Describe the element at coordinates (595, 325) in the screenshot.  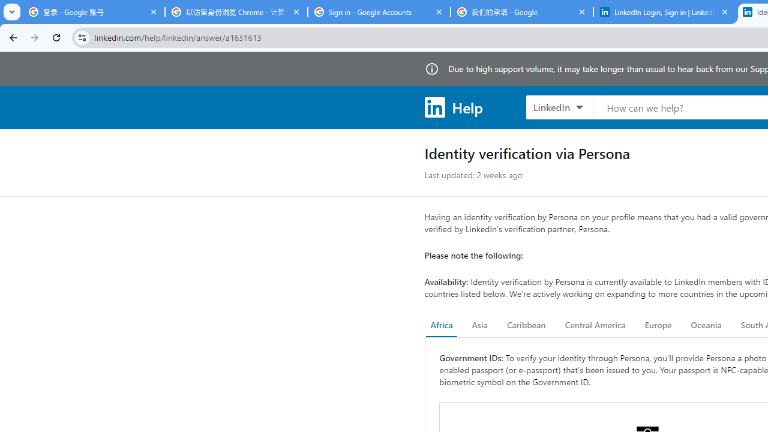
I see `'Central America'` at that location.